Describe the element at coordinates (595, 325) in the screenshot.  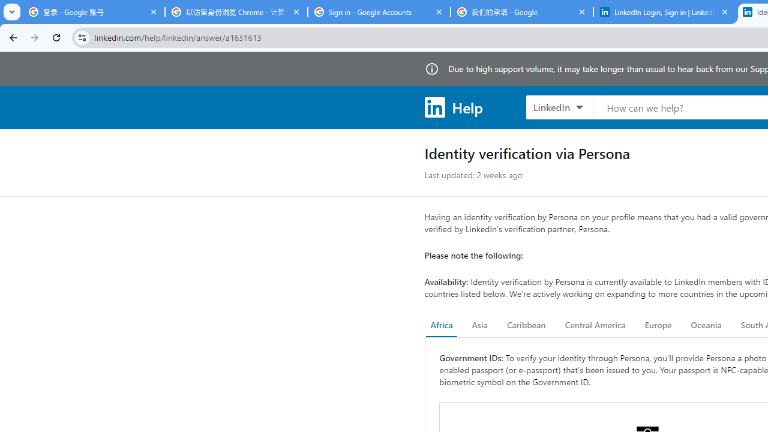
I see `'Central America'` at that location.